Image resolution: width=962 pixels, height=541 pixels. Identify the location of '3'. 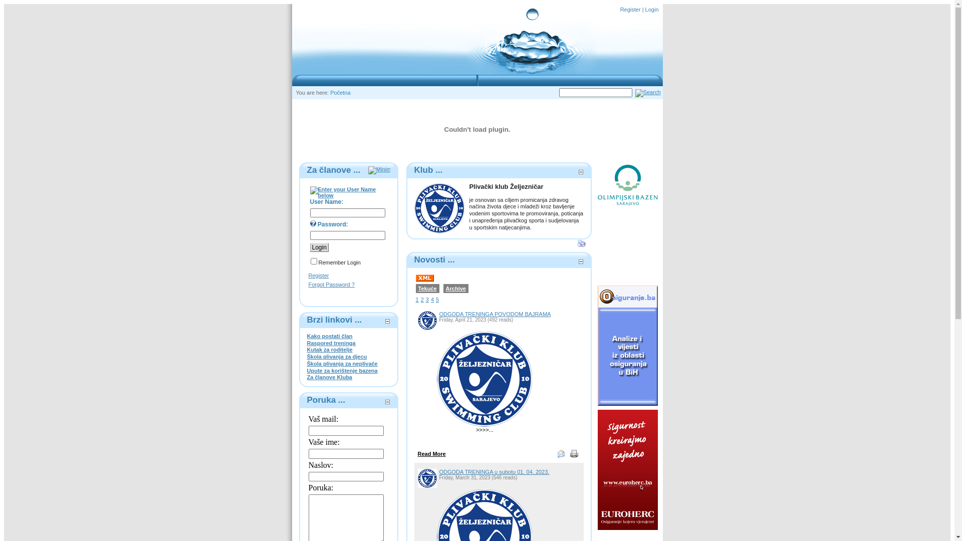
(427, 299).